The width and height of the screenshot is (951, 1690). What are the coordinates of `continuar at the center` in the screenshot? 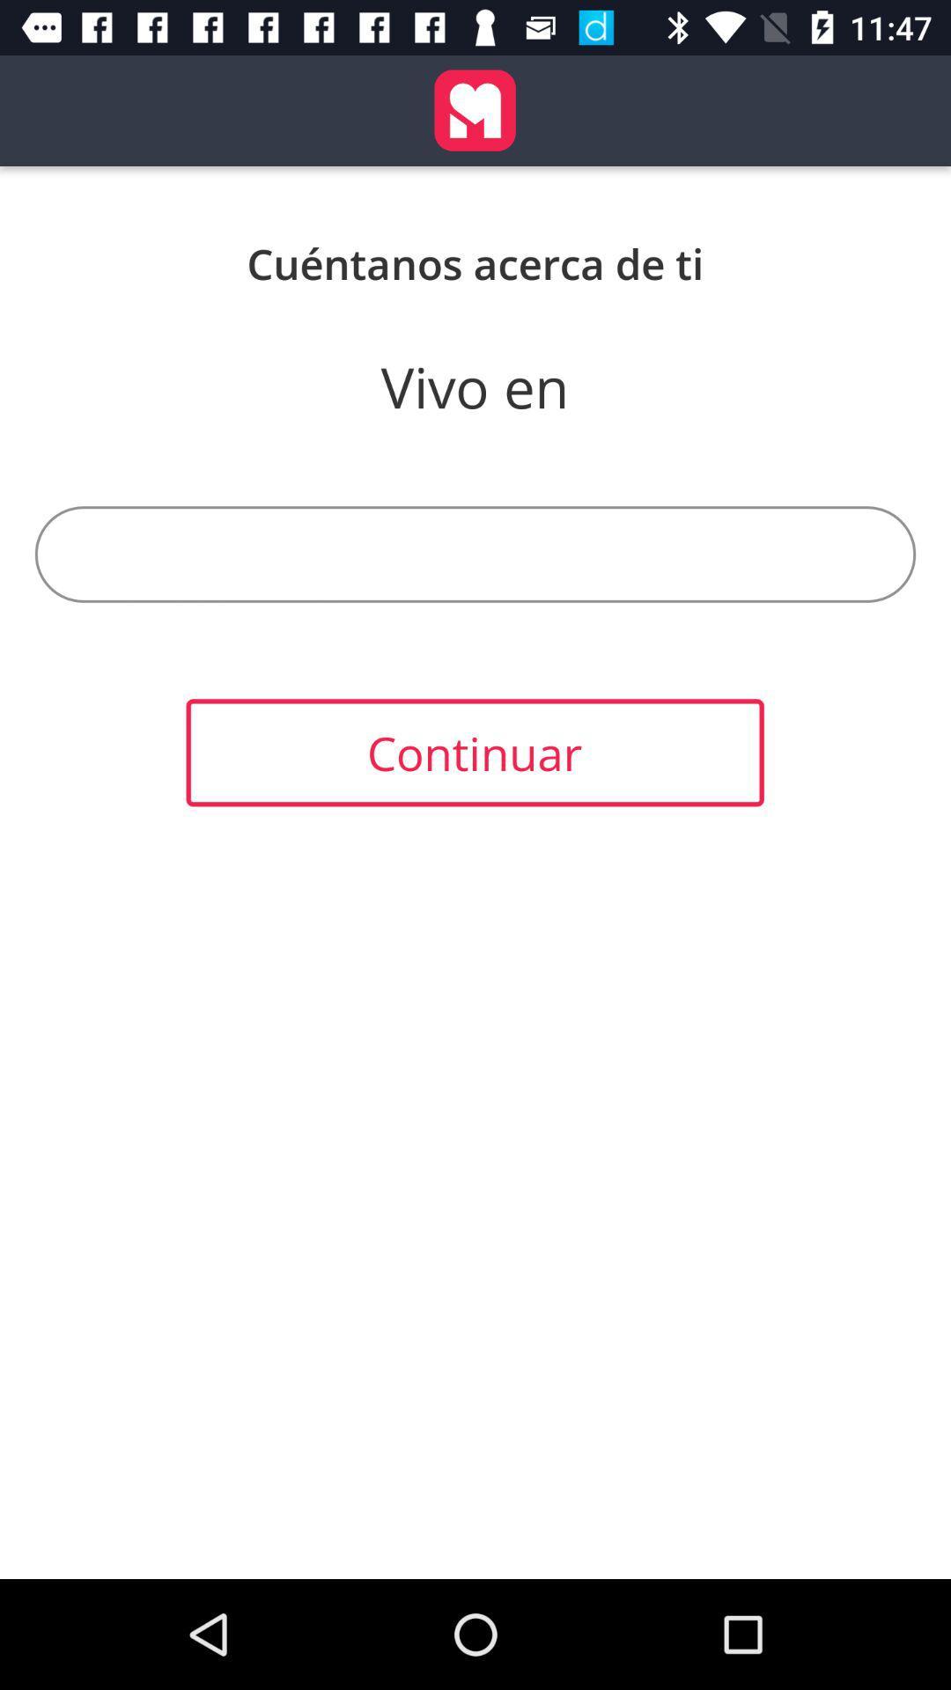 It's located at (474, 753).